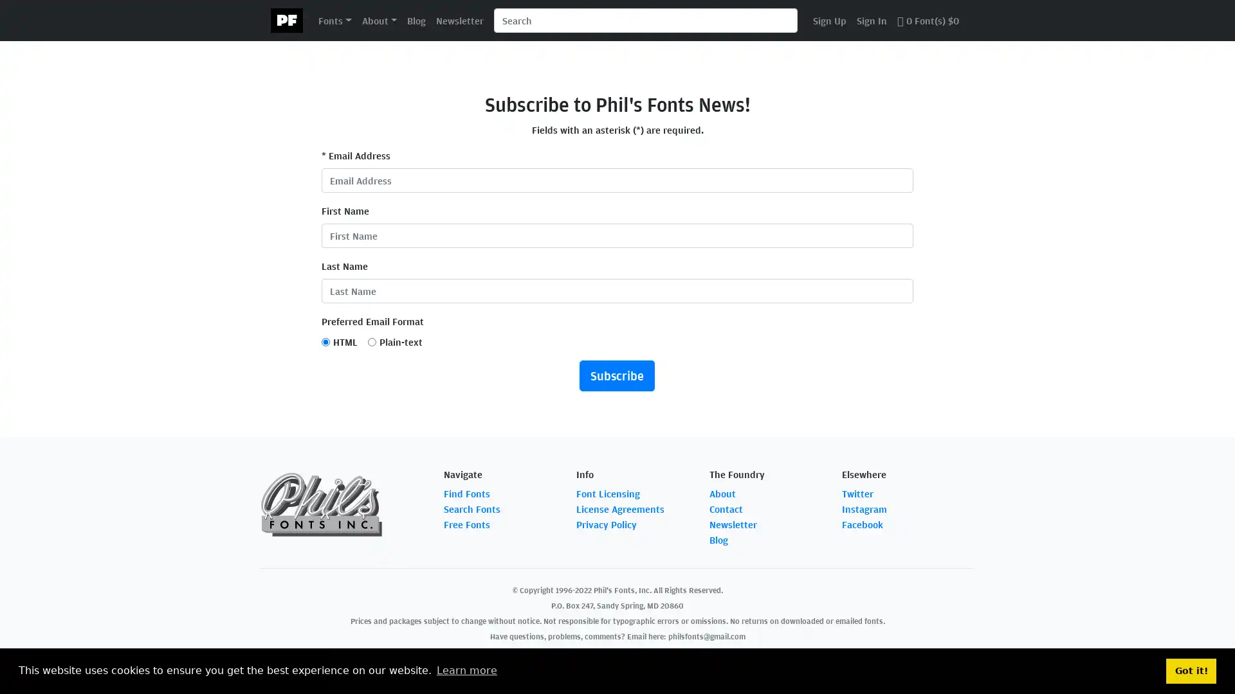 This screenshot has height=694, width=1235. Describe the element at coordinates (334, 19) in the screenshot. I see `Fonts` at that location.